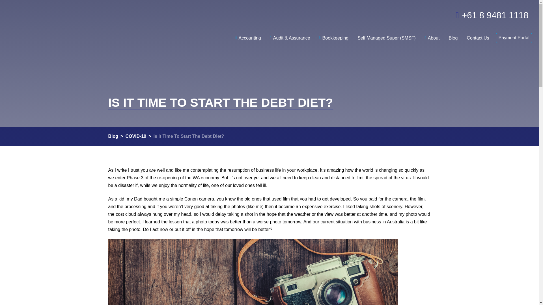  What do you see at coordinates (113, 136) in the screenshot?
I see `'Blog'` at bounding box center [113, 136].